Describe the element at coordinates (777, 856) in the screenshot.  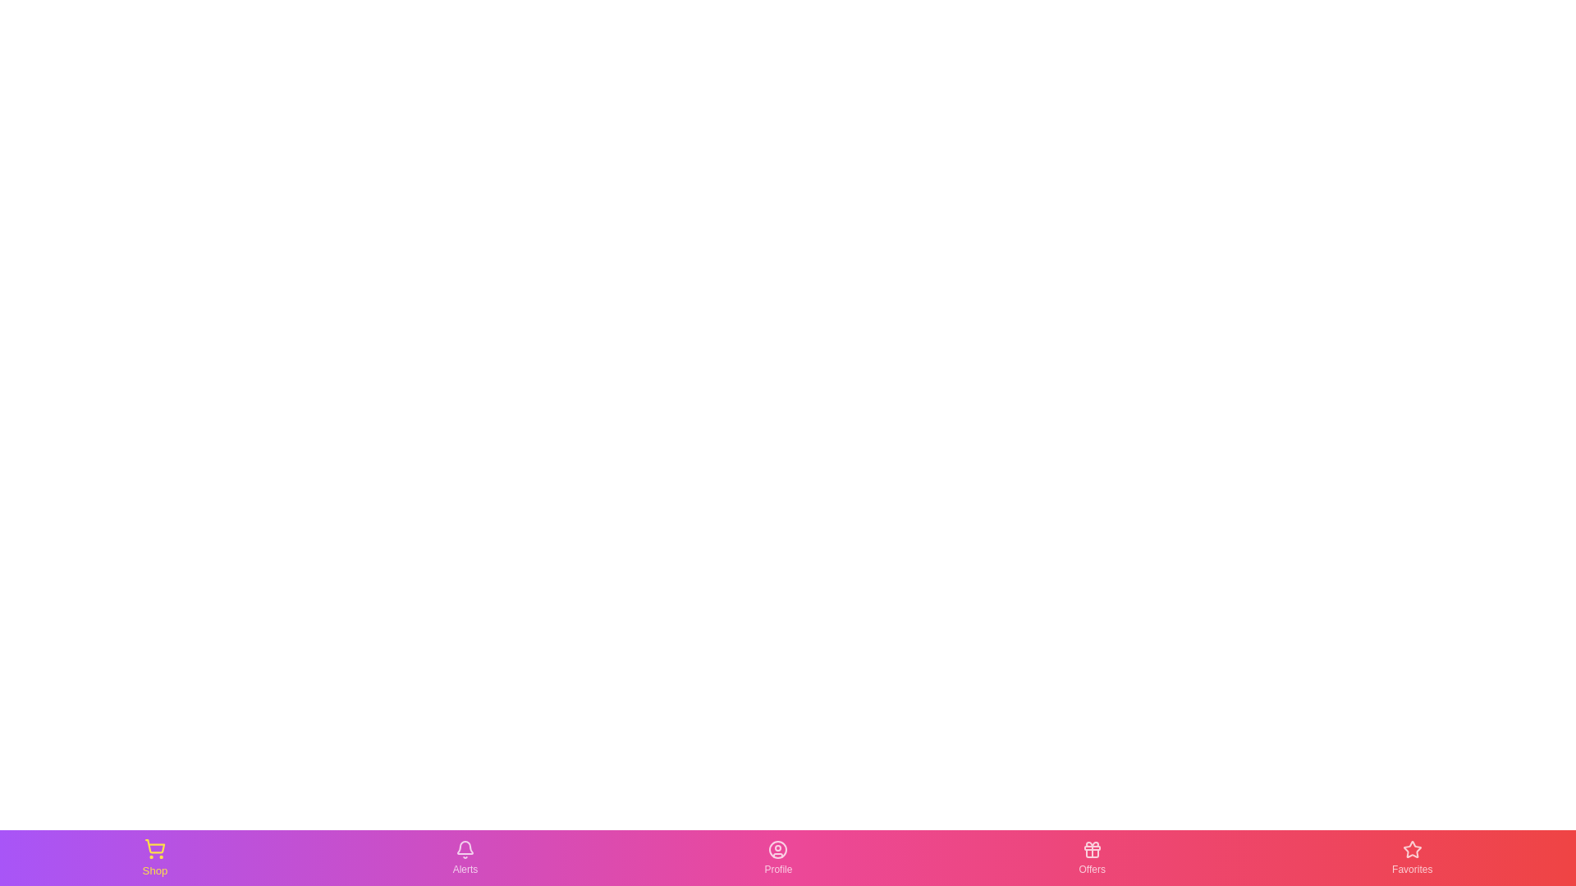
I see `the Profile tab in the bottom navigation bar` at that location.